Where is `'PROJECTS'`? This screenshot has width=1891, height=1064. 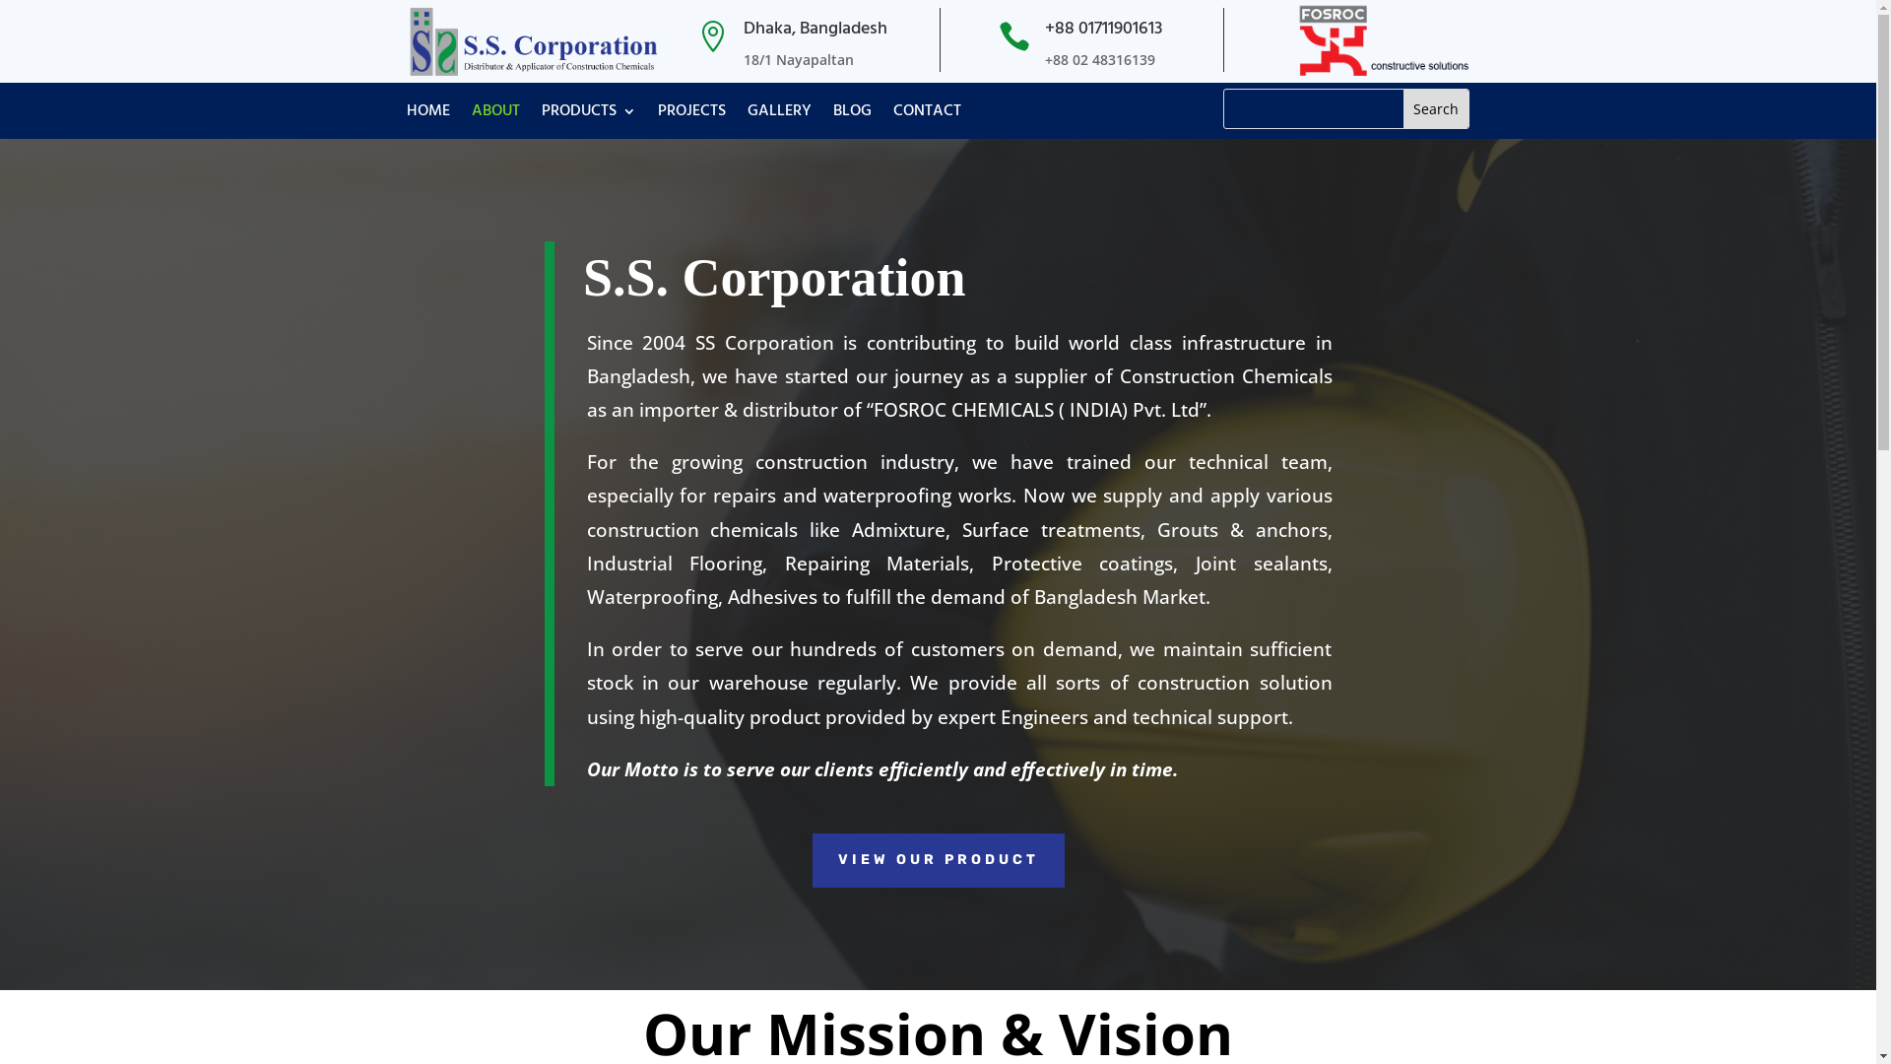 'PROJECTS' is located at coordinates (691, 114).